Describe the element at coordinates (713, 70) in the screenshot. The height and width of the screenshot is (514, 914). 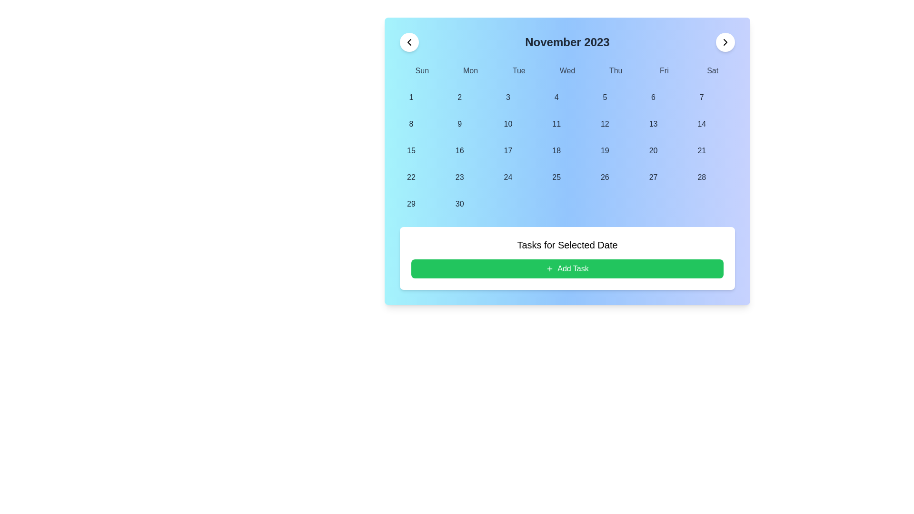
I see `the text label for Saturday, which is the last item in the days-of-week header of the calendar component, located at the far right of its group` at that location.